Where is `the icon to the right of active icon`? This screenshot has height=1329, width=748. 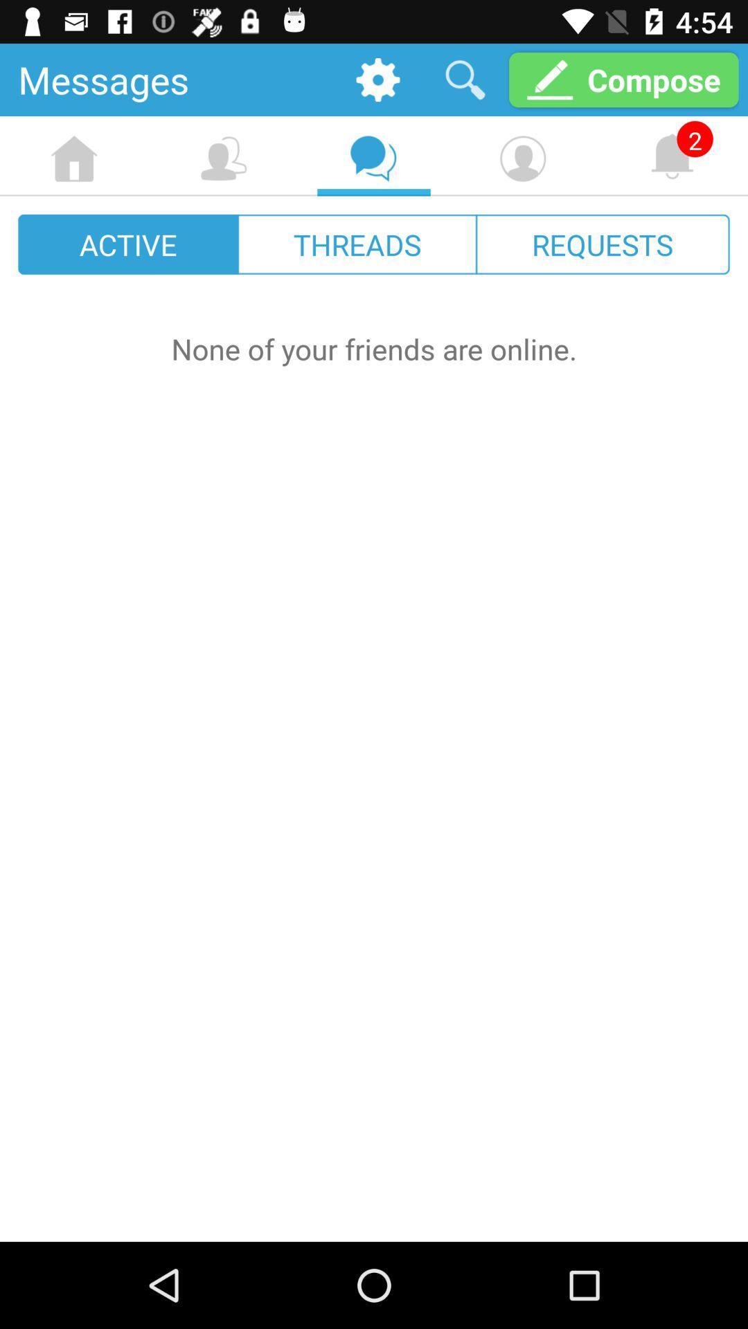 the icon to the right of active icon is located at coordinates (357, 244).